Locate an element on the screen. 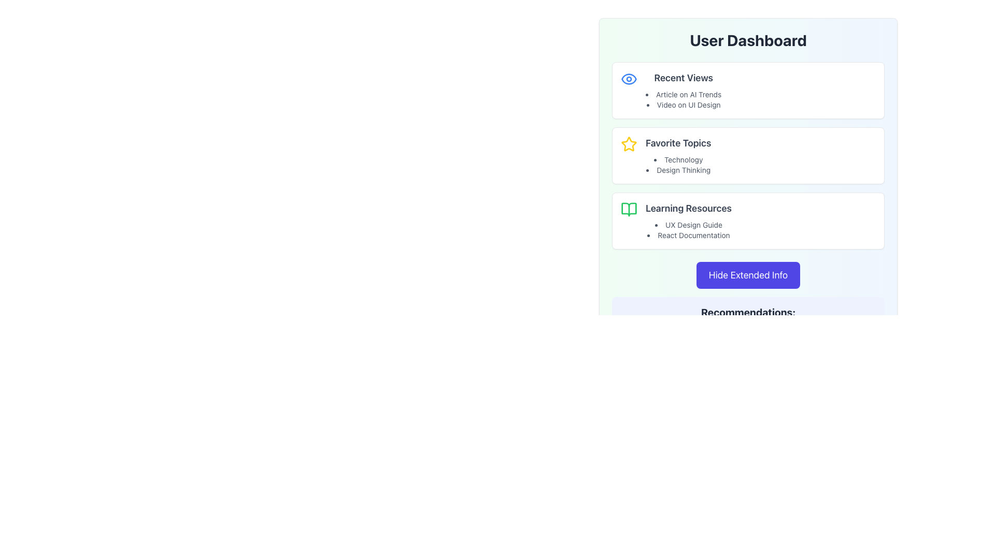  the 'User Dashboard' text header, which is bold and large, located at the top of the dashboard interface is located at coordinates (748, 39).